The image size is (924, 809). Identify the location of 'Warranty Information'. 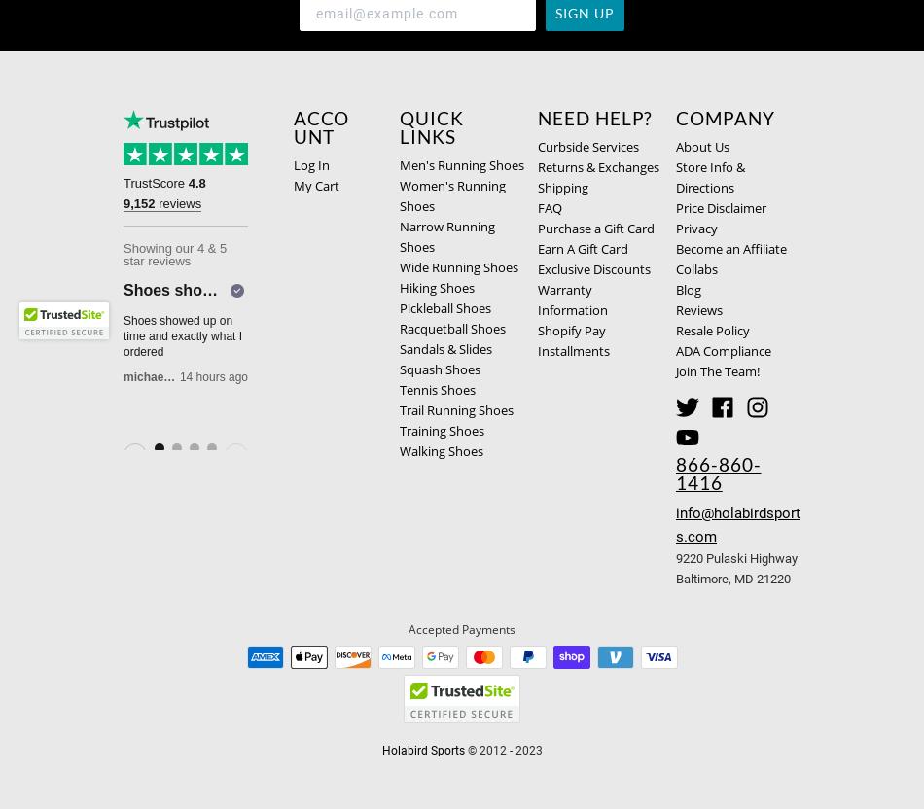
(573, 299).